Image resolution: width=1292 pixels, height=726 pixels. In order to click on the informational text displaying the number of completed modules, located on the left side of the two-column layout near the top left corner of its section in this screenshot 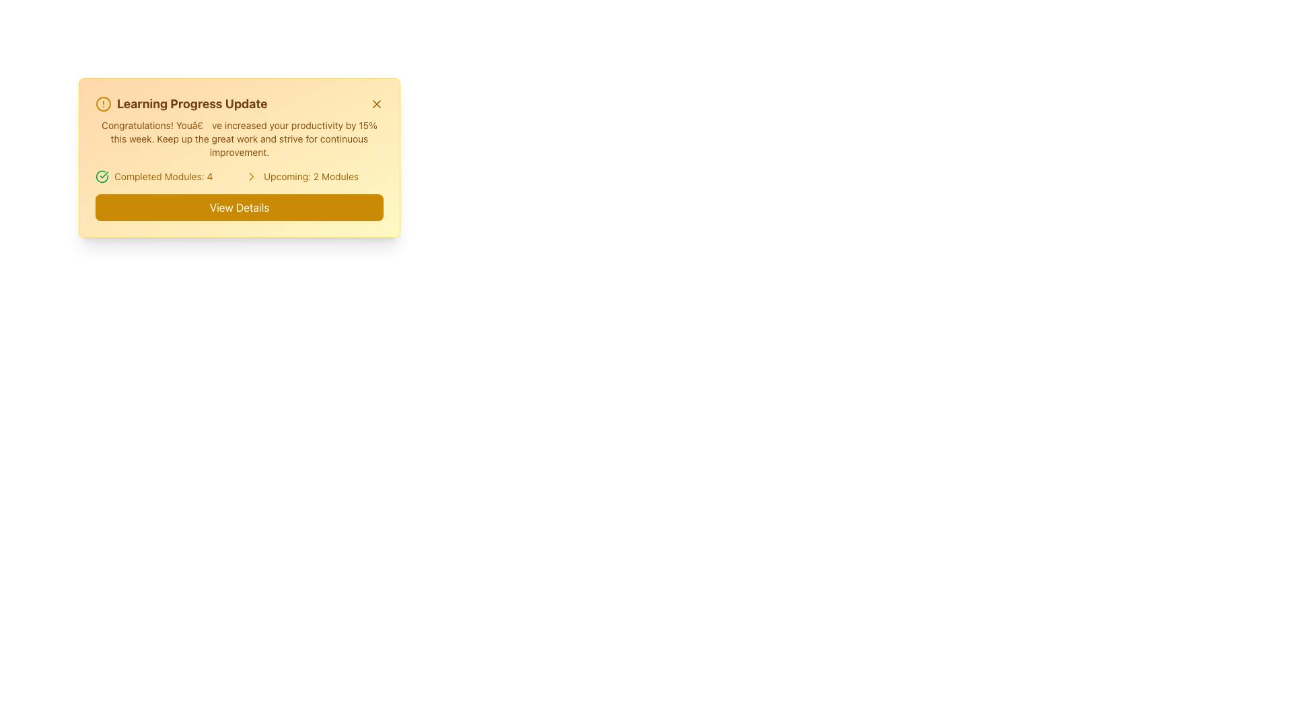, I will do `click(164, 175)`.